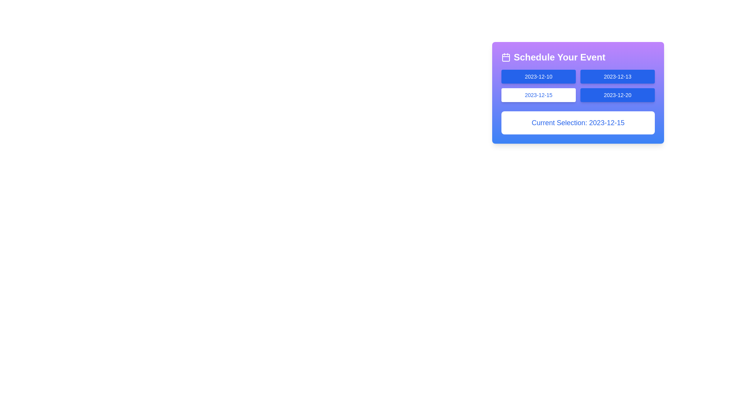 This screenshot has height=416, width=740. Describe the element at coordinates (578, 99) in the screenshot. I see `the button displaying '2023-12-15' located in the second row and first column of the scheduling panel` at that location.